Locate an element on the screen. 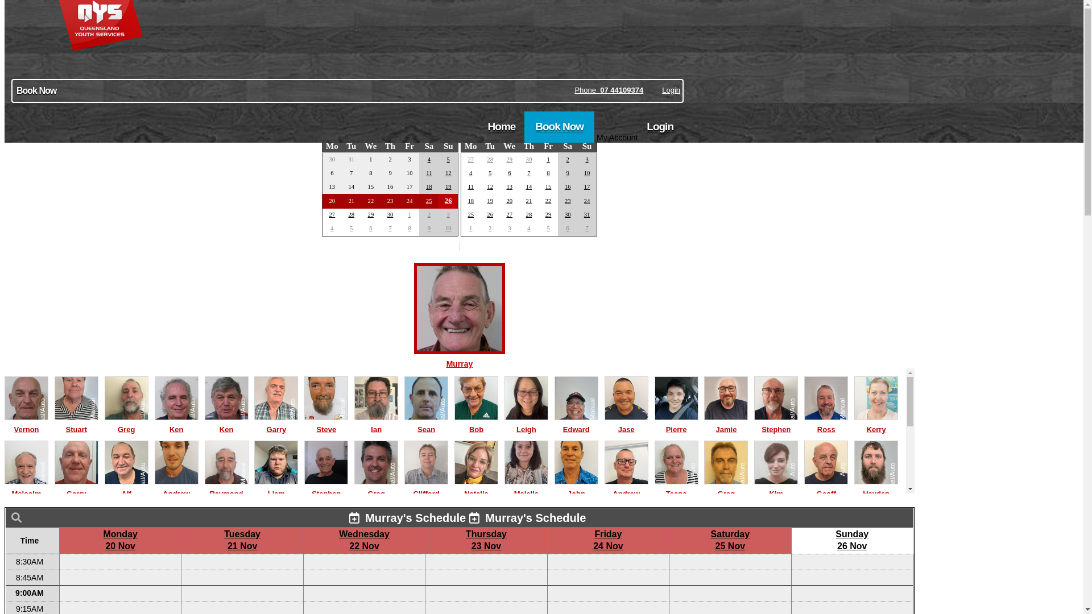 This screenshot has height=614, width=1092. 'Reg is located at coordinates (205, 551).